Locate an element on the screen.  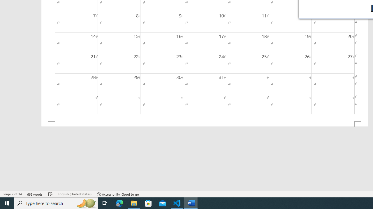
'Language English (United States)' is located at coordinates (74, 194).